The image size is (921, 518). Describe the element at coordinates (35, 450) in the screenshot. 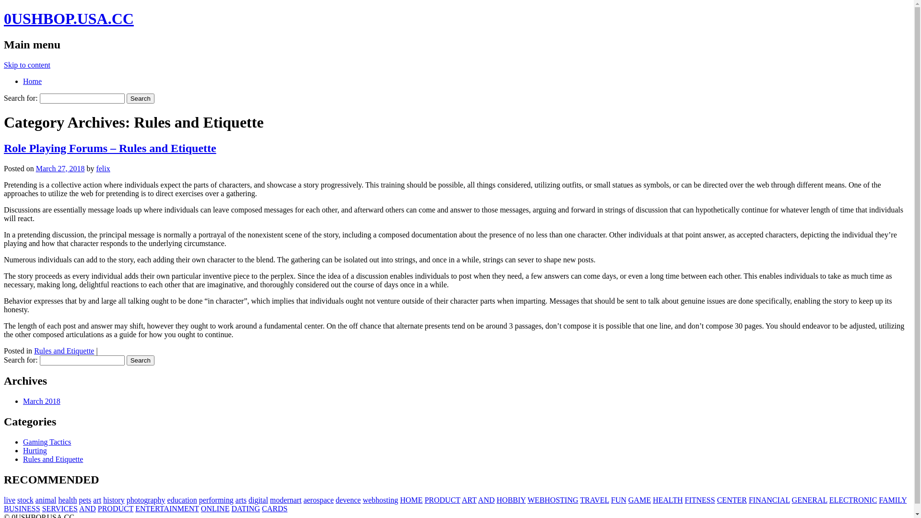

I see `'Hurting'` at that location.